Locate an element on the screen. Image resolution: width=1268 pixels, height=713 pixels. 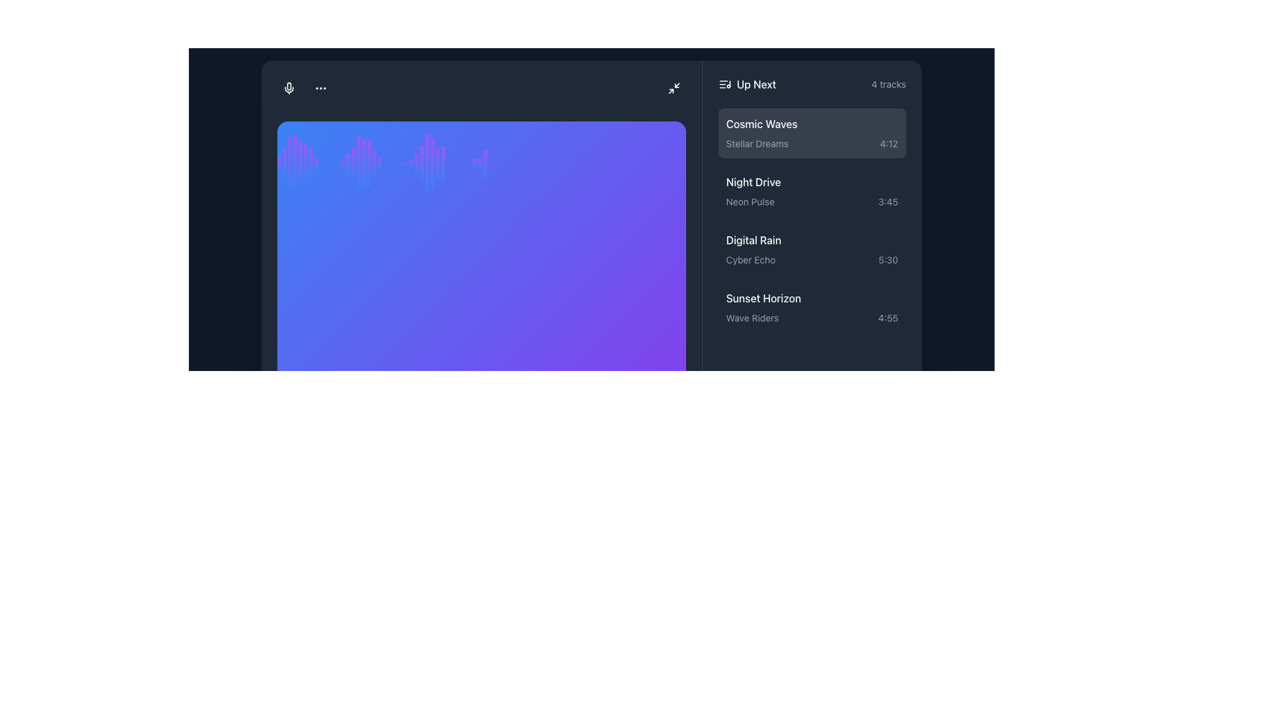
the waveform bar, which is part of a series of vertical bars representing audio visualization, positioned towards the right side among other bars is located at coordinates (475, 162).